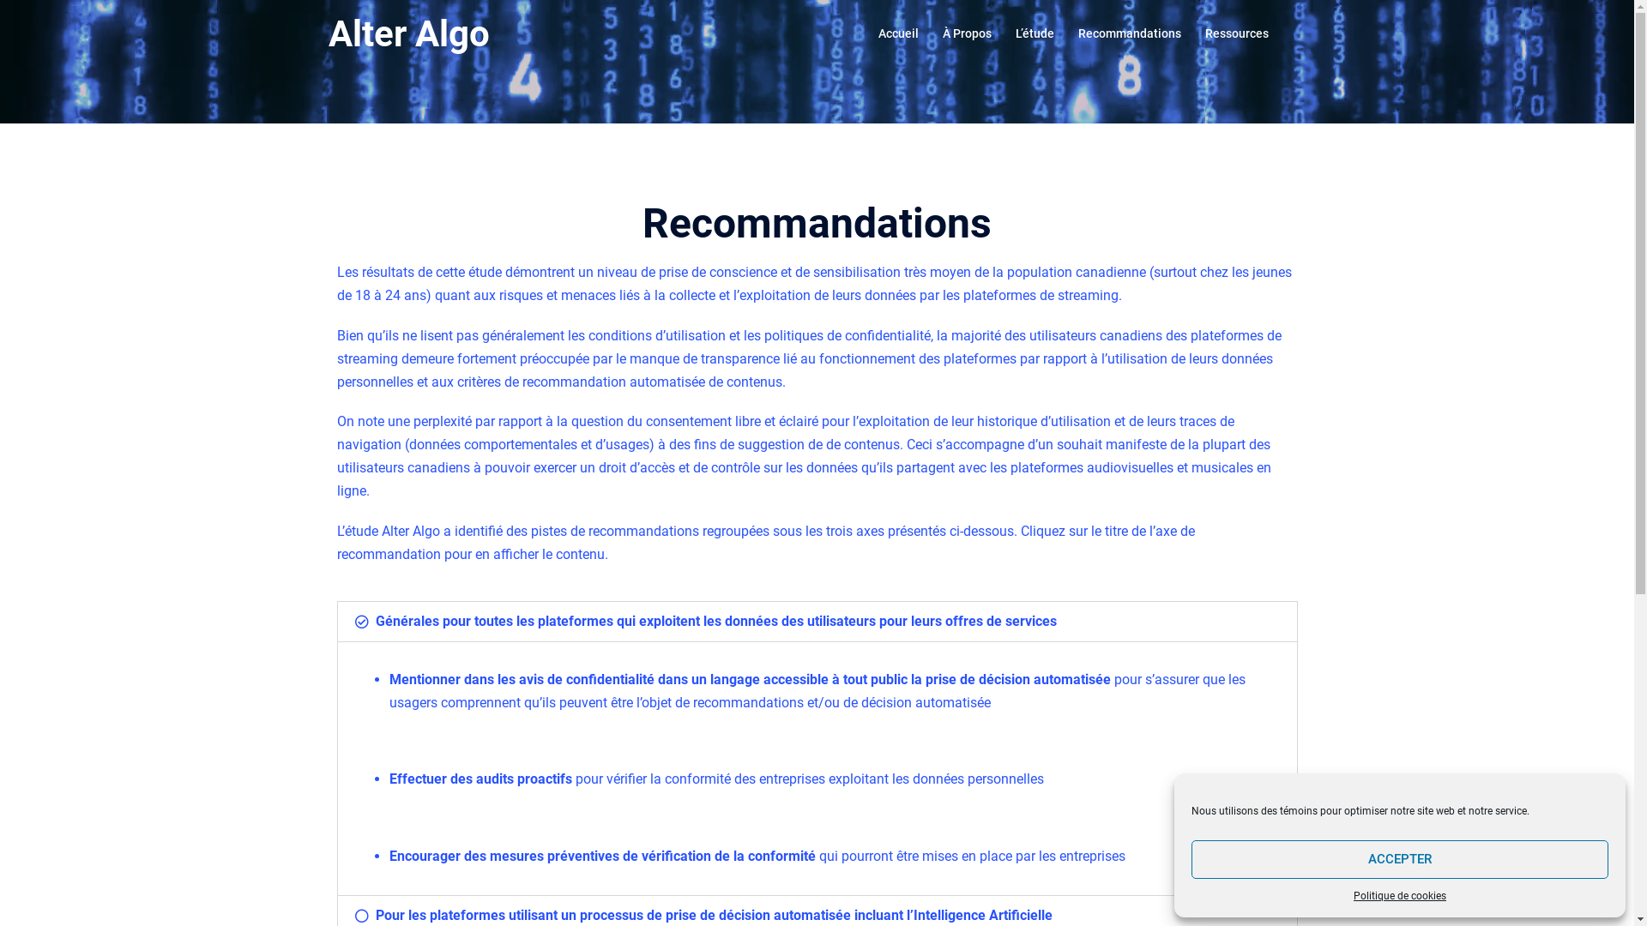 The image size is (1647, 926). What do you see at coordinates (1353, 895) in the screenshot?
I see `'Politique de cookies'` at bounding box center [1353, 895].